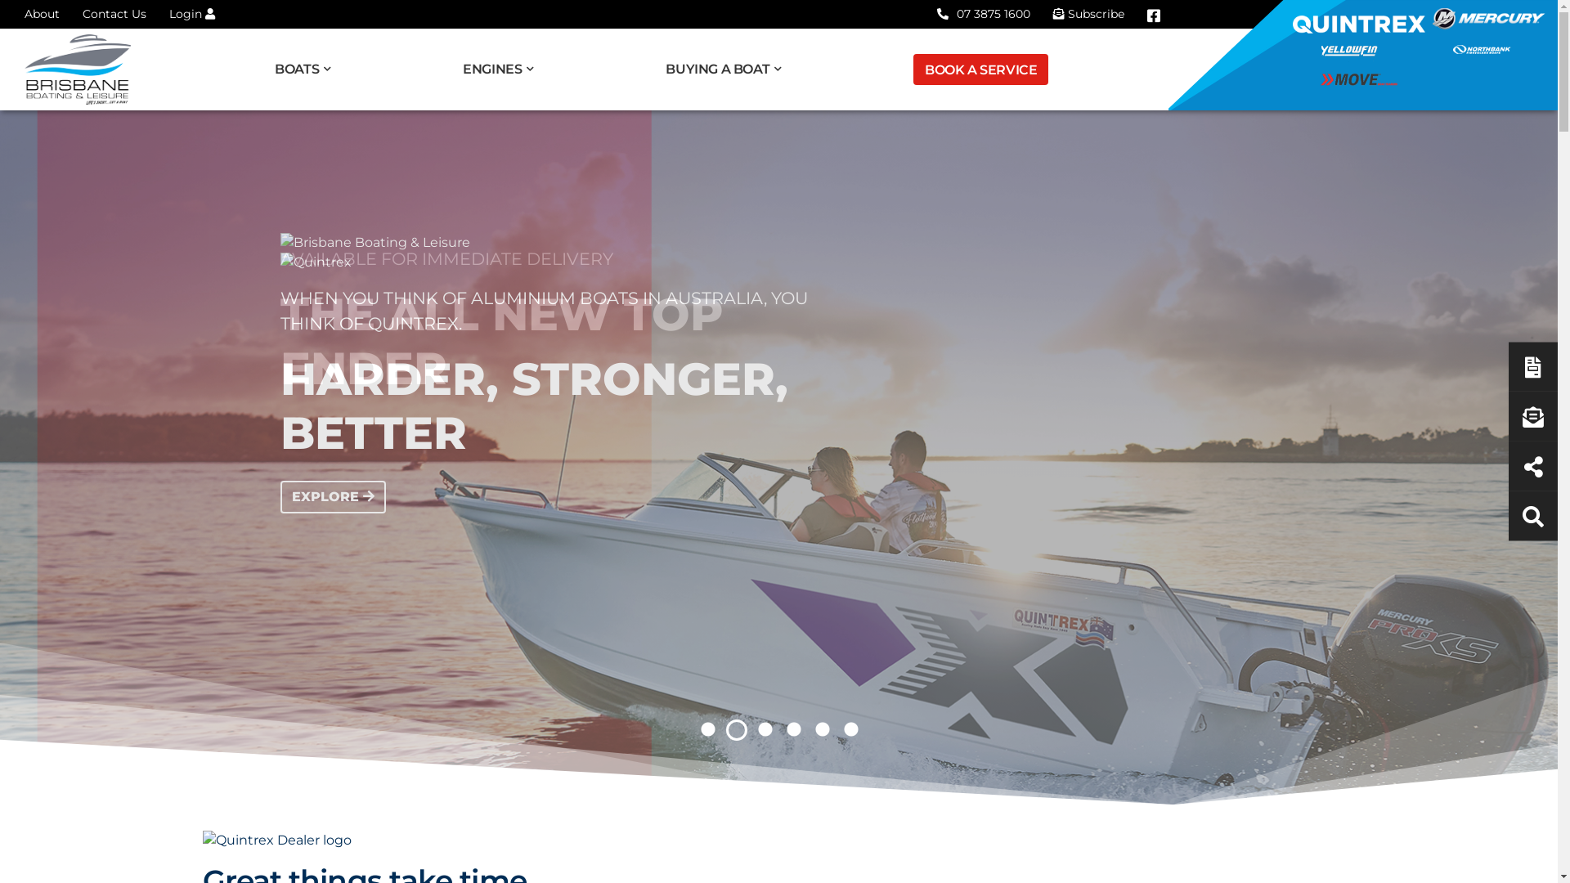  I want to click on '5', so click(811, 728).